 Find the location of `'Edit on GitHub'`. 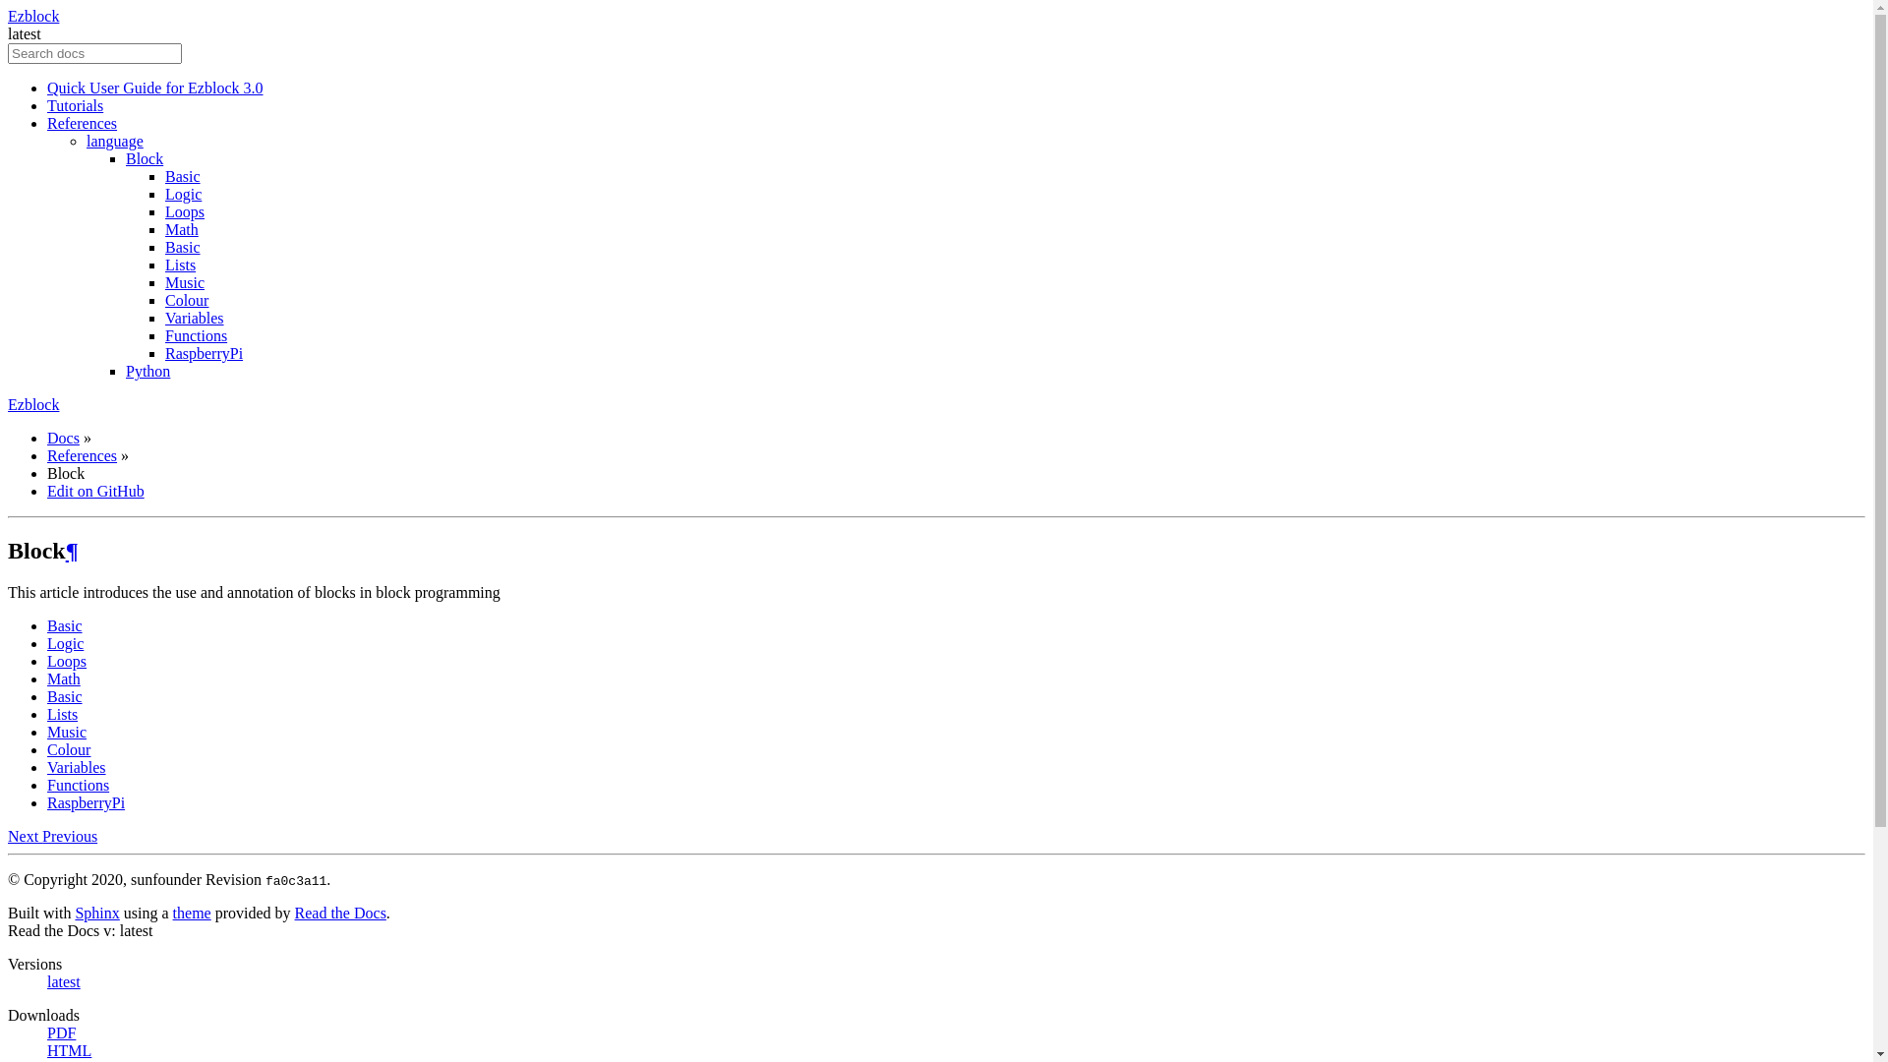

'Edit on GitHub' is located at coordinates (47, 490).